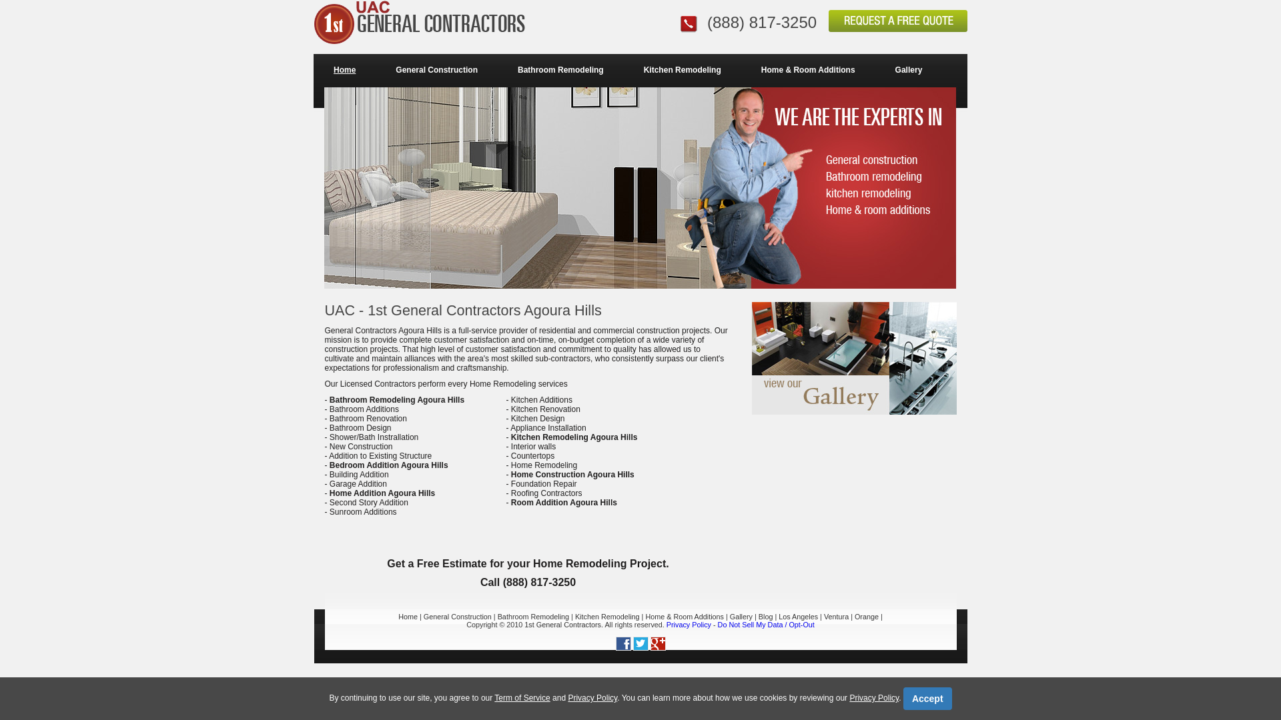 Image resolution: width=1281 pixels, height=720 pixels. I want to click on 'Ventura', so click(835, 617).